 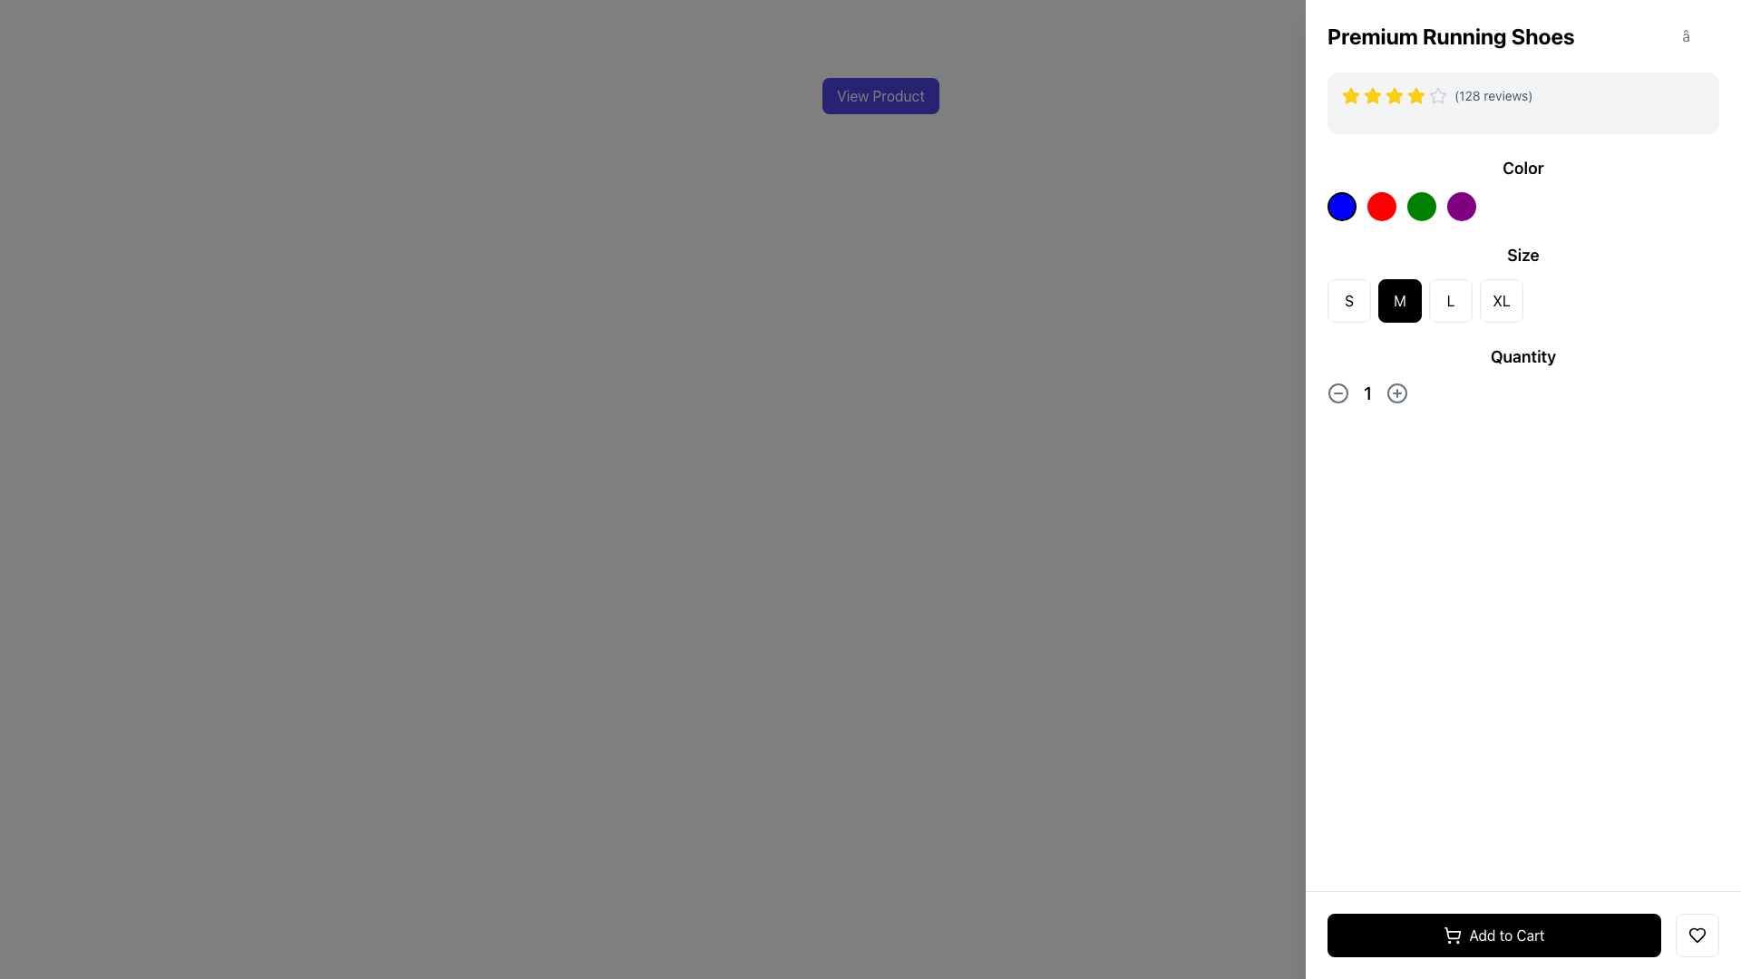 What do you see at coordinates (1523, 95) in the screenshot?
I see `the Rating display with textual summary located just below the heading 'Premium Running Shoes' to possibly see additional info` at bounding box center [1523, 95].